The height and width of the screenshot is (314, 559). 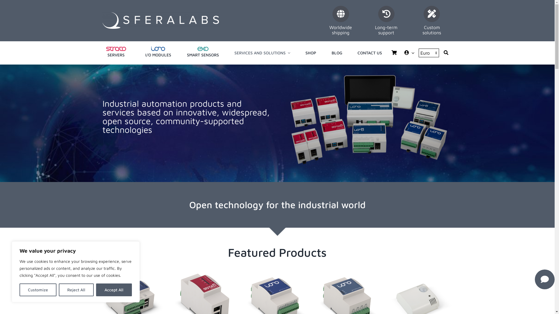 I want to click on 'exo-line', so click(x=203, y=49).